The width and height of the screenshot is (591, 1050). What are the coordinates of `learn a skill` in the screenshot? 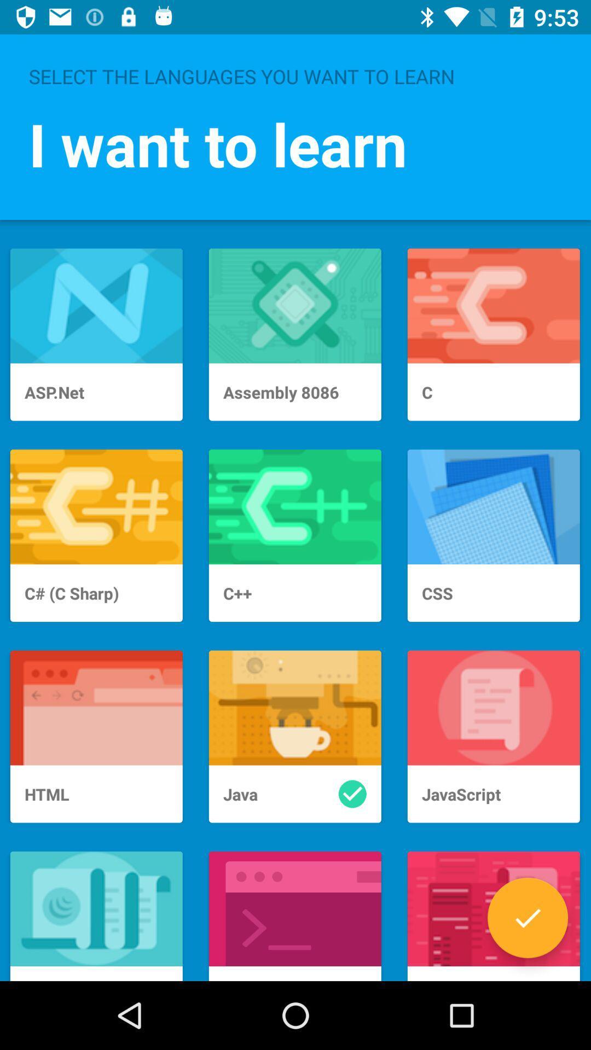 It's located at (527, 918).